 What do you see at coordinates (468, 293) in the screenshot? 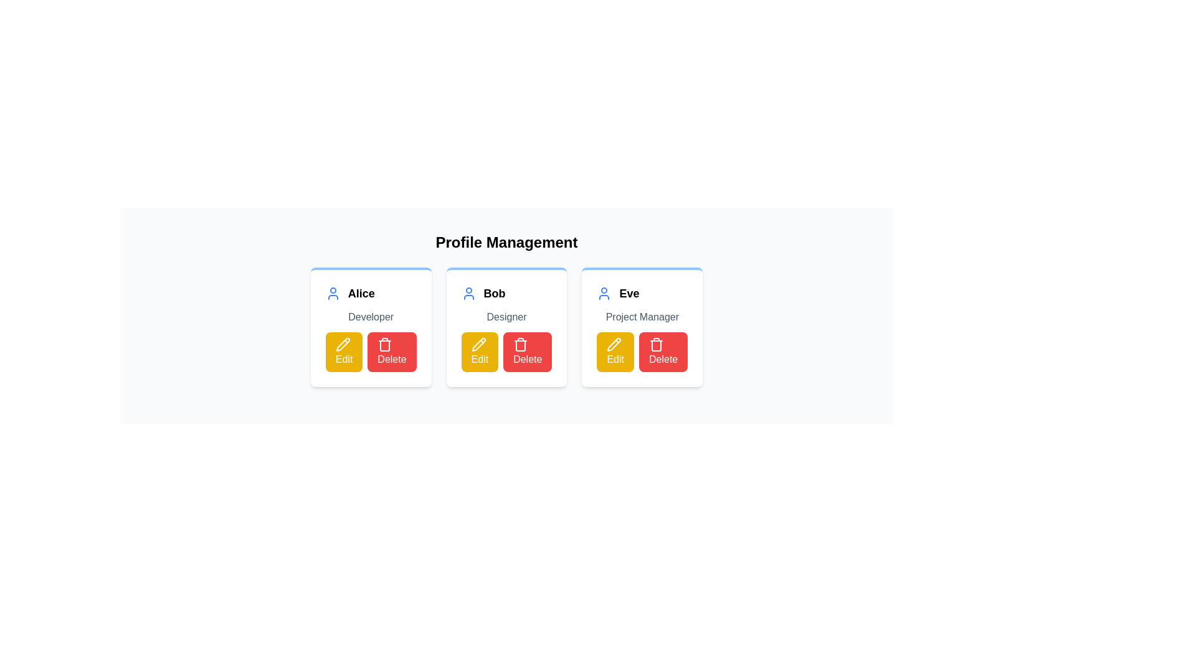
I see `the user profile SVG icon located in the second card of the profile management section, positioned directly to the left of the text 'Bob' and above the role description 'Designer'` at bounding box center [468, 293].